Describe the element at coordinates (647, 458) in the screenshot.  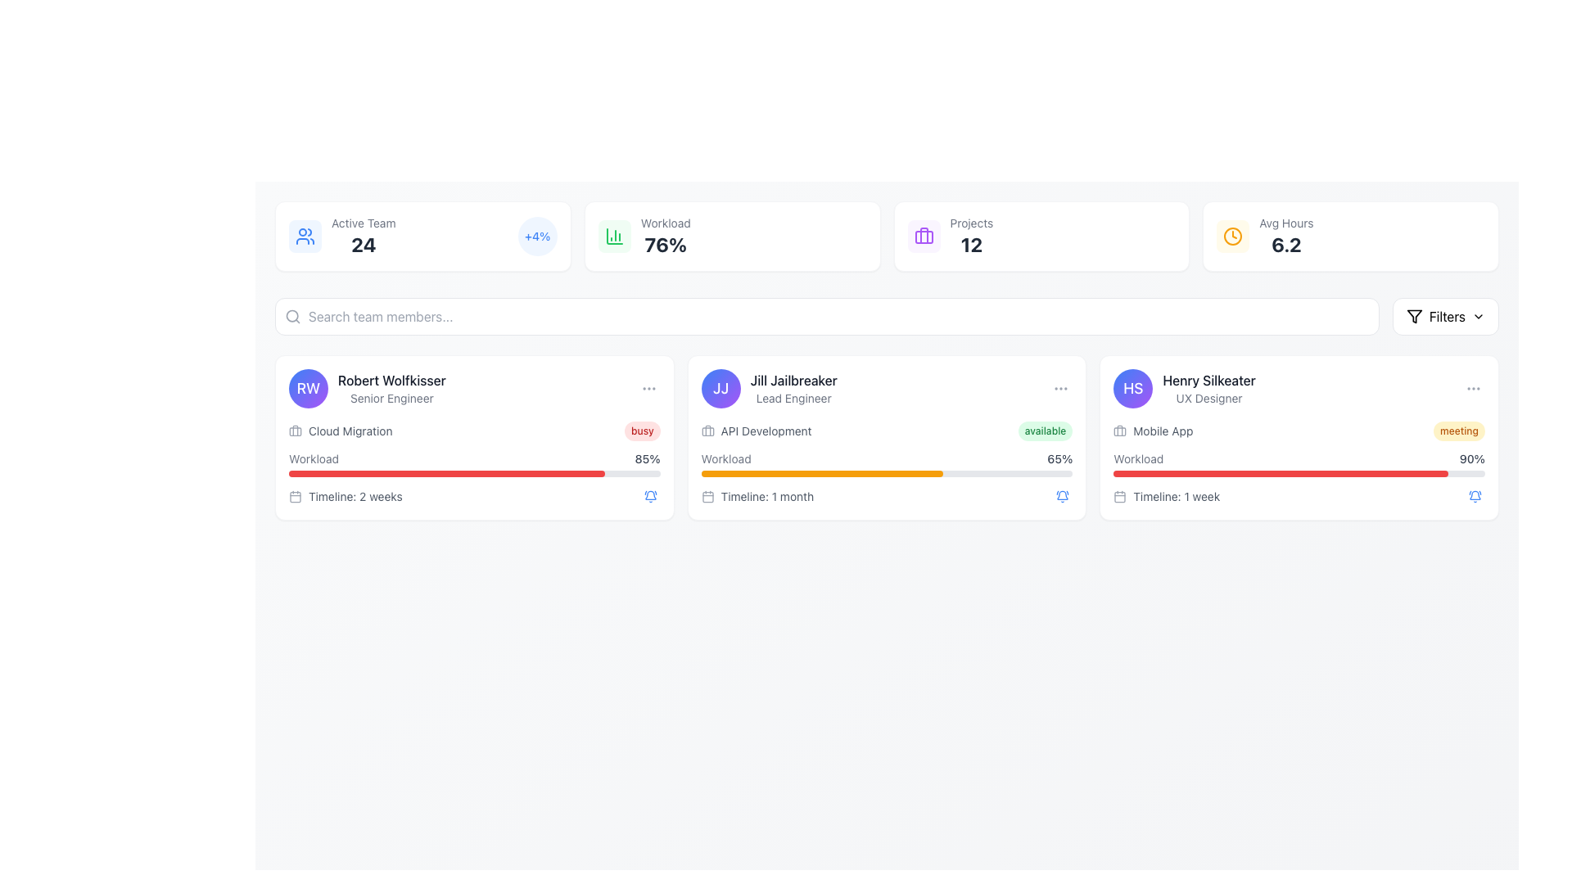
I see `the text element that represents the quantitative value of workload percentage, located in the lower section of the first card, to the far right of the 'Workload' label and aligned with the progress bar` at that location.